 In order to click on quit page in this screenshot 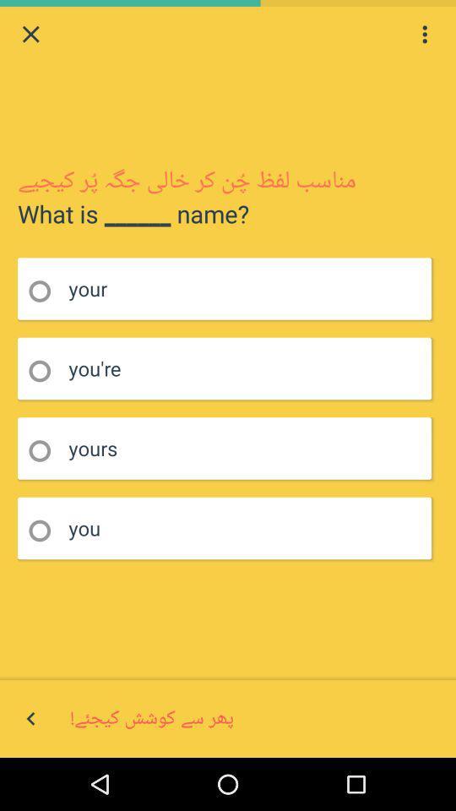, I will do `click(30, 33)`.